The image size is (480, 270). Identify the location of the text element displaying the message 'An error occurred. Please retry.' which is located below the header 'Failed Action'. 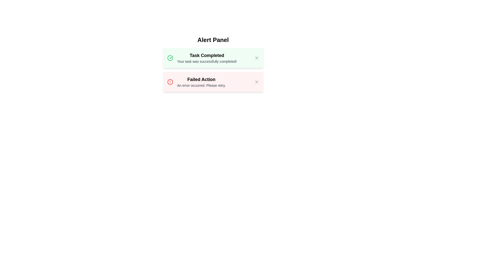
(201, 85).